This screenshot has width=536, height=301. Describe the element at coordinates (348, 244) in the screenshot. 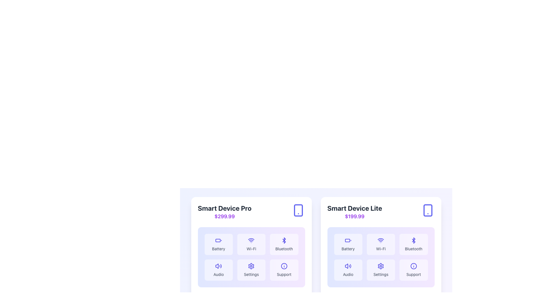

I see `the battery status button in the first row and first column of the grid layout within the 'Smart Device Lite' section` at that location.